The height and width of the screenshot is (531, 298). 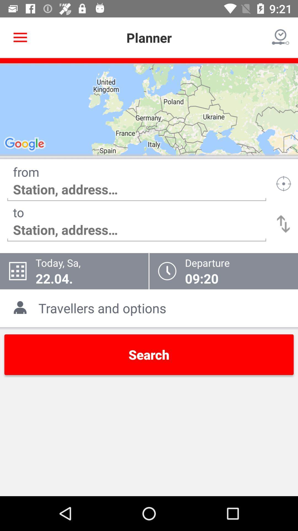 What do you see at coordinates (20, 37) in the screenshot?
I see `item next to planner icon` at bounding box center [20, 37].